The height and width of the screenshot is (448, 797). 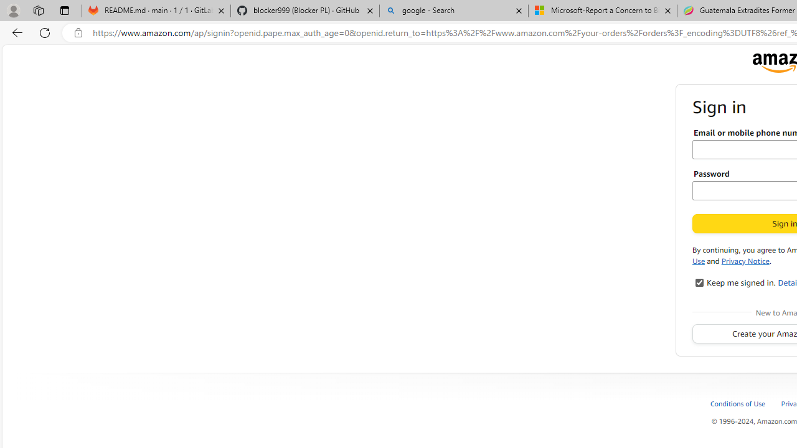 What do you see at coordinates (699, 282) in the screenshot?
I see `'Keep me signed in. Details'` at bounding box center [699, 282].